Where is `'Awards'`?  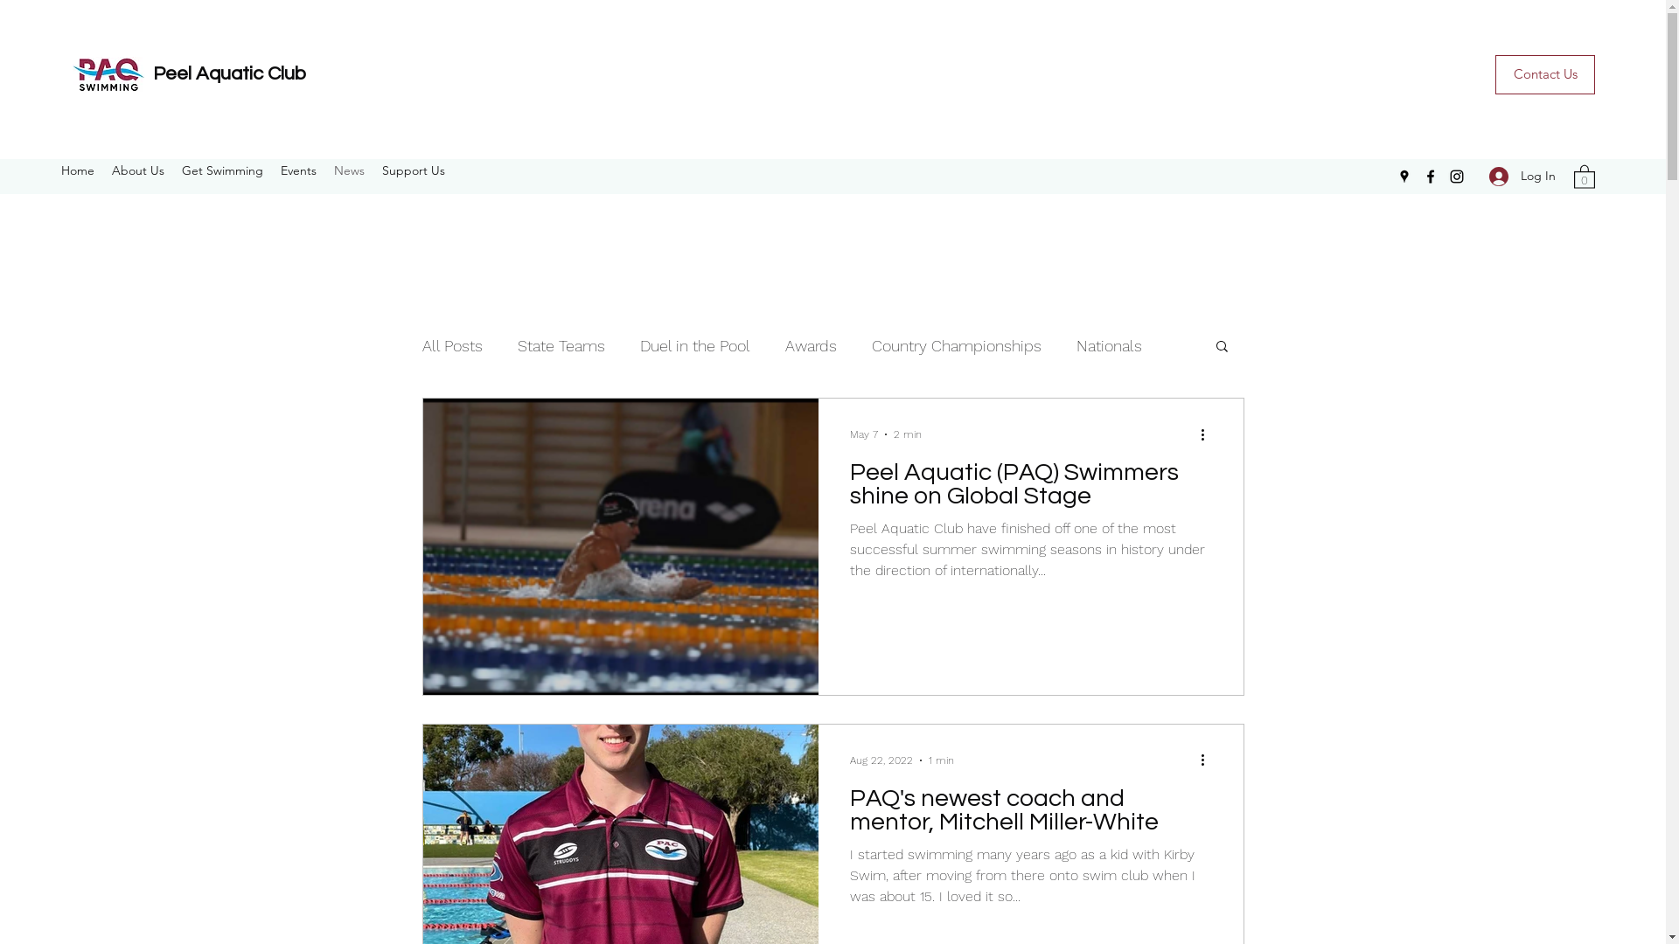
'Awards' is located at coordinates (810, 344).